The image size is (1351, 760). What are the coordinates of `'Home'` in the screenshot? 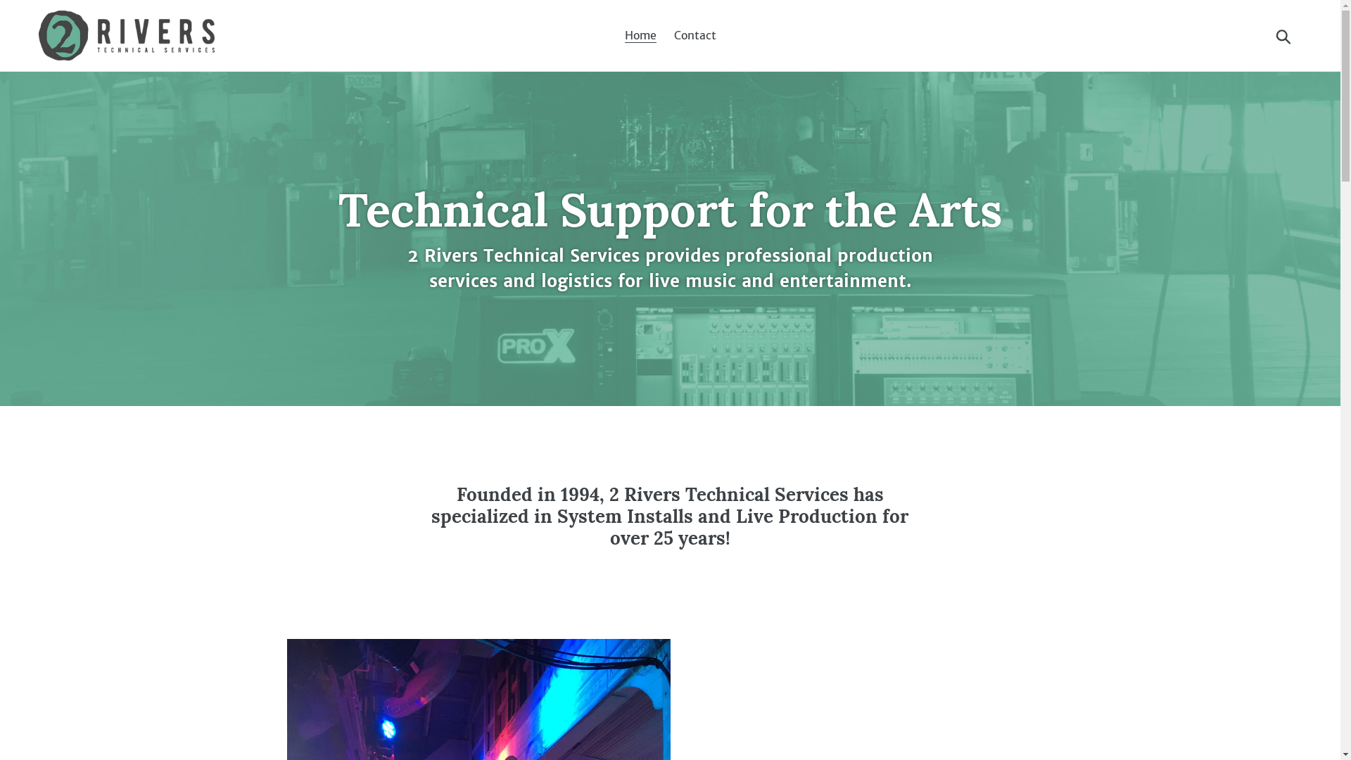 It's located at (640, 34).